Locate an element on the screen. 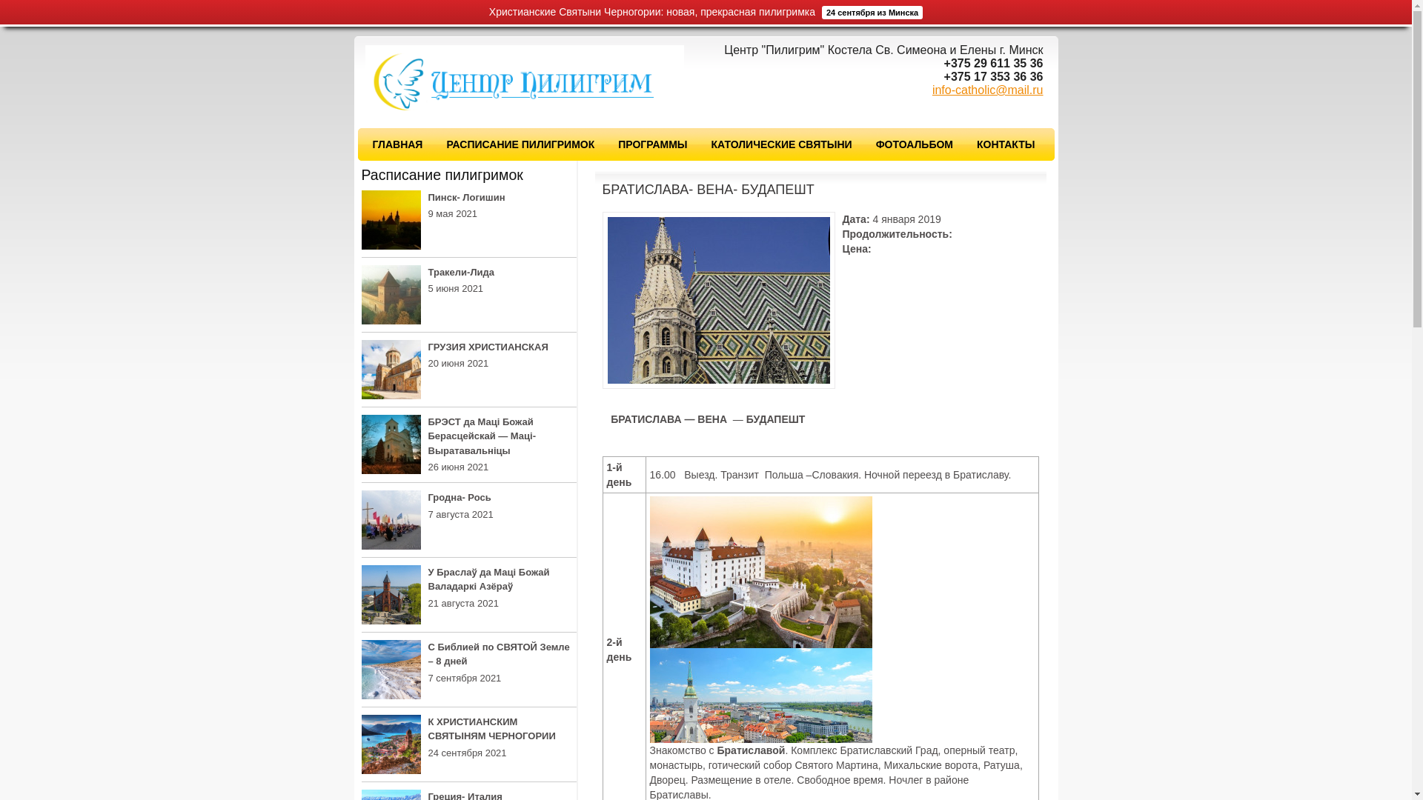 This screenshot has width=1423, height=800. 'info-catholic@mail.ru' is located at coordinates (931, 90).